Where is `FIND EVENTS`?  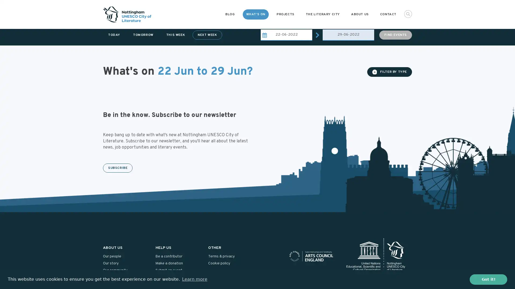 FIND EVENTS is located at coordinates (395, 35).